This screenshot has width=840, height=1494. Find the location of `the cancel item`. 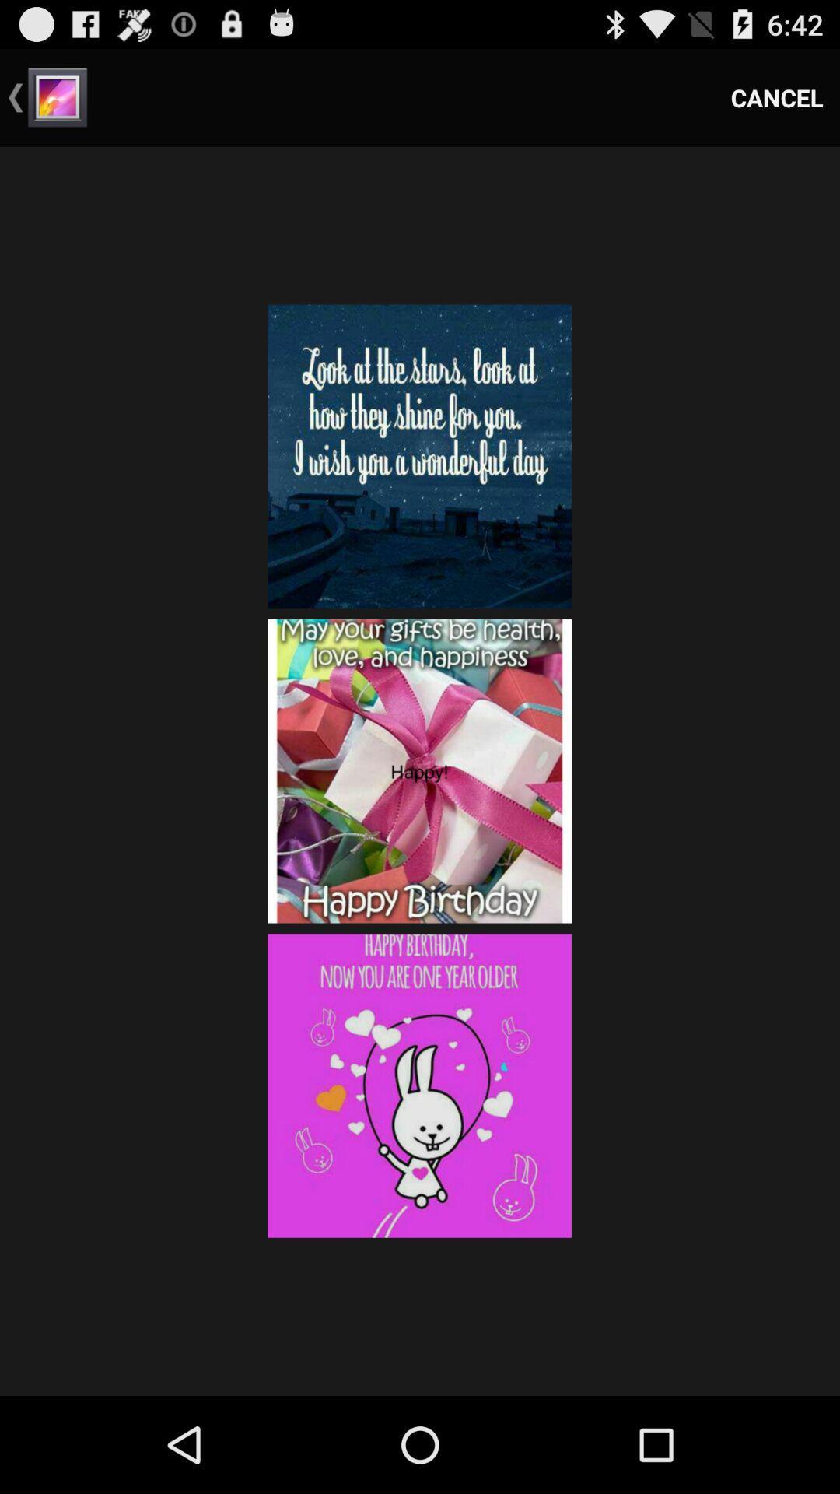

the cancel item is located at coordinates (777, 96).